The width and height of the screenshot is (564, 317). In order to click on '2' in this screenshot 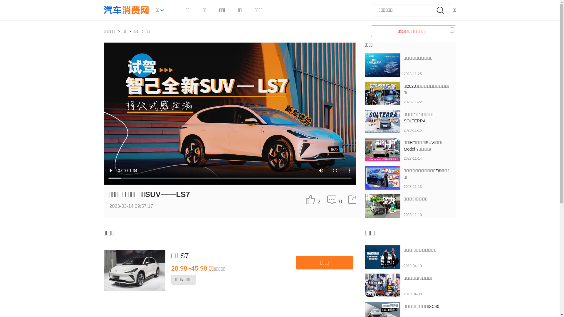, I will do `click(313, 199)`.